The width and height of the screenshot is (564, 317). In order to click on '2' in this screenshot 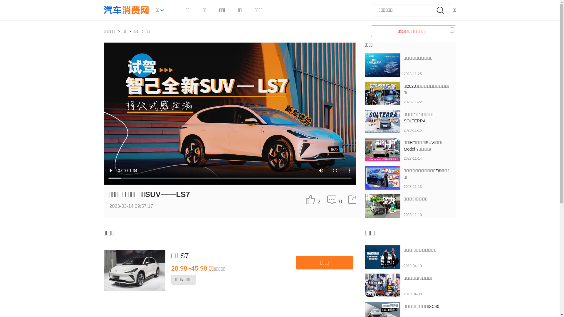, I will do `click(313, 199)`.